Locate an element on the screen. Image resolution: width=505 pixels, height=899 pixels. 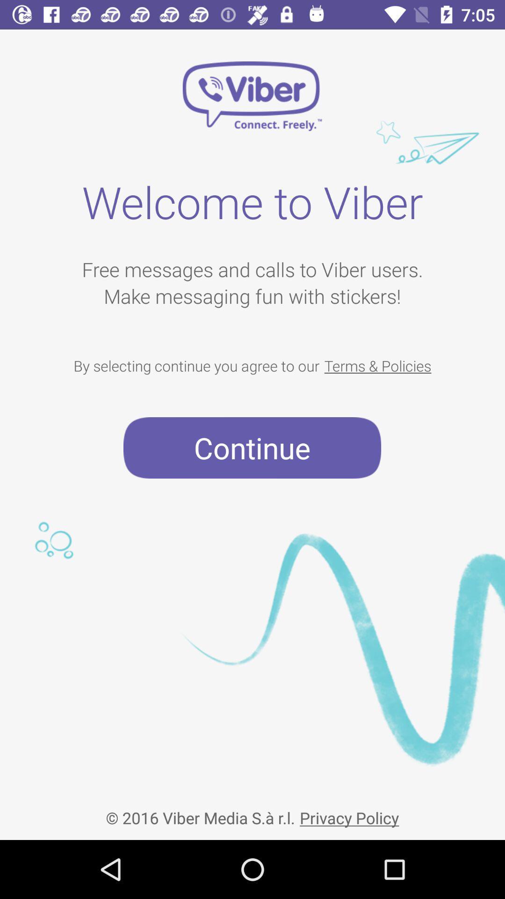
terms & policies item is located at coordinates (377, 365).